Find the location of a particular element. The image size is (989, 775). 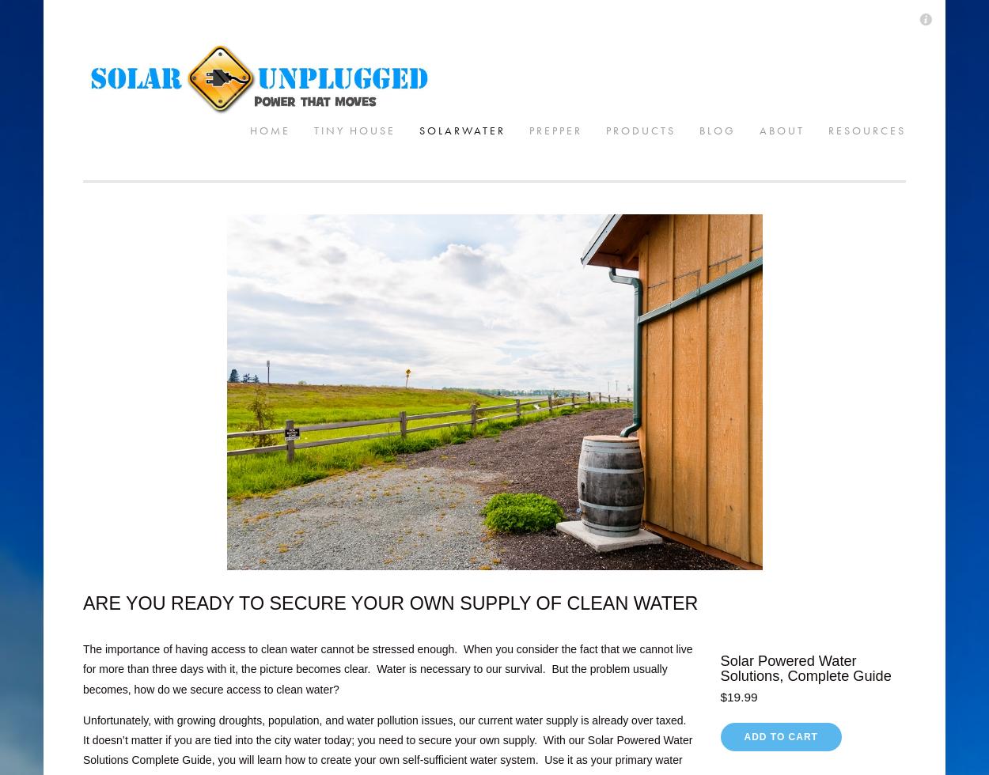

'Products' is located at coordinates (66, 177).